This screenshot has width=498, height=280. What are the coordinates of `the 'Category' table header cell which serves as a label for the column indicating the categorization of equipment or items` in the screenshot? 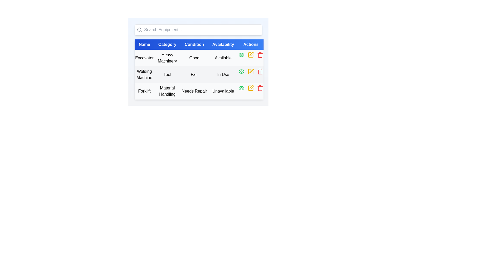 It's located at (167, 44).